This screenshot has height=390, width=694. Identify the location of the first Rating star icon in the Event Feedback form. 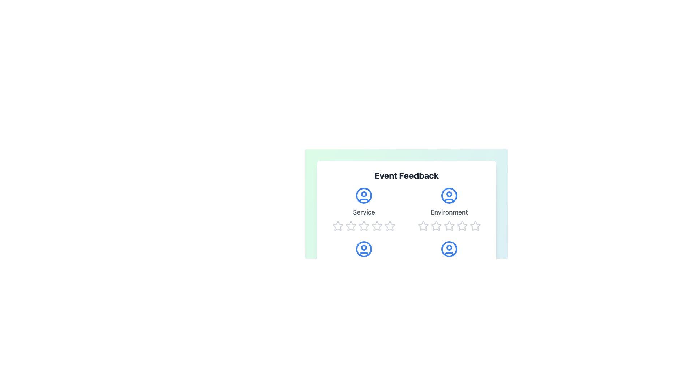
(338, 225).